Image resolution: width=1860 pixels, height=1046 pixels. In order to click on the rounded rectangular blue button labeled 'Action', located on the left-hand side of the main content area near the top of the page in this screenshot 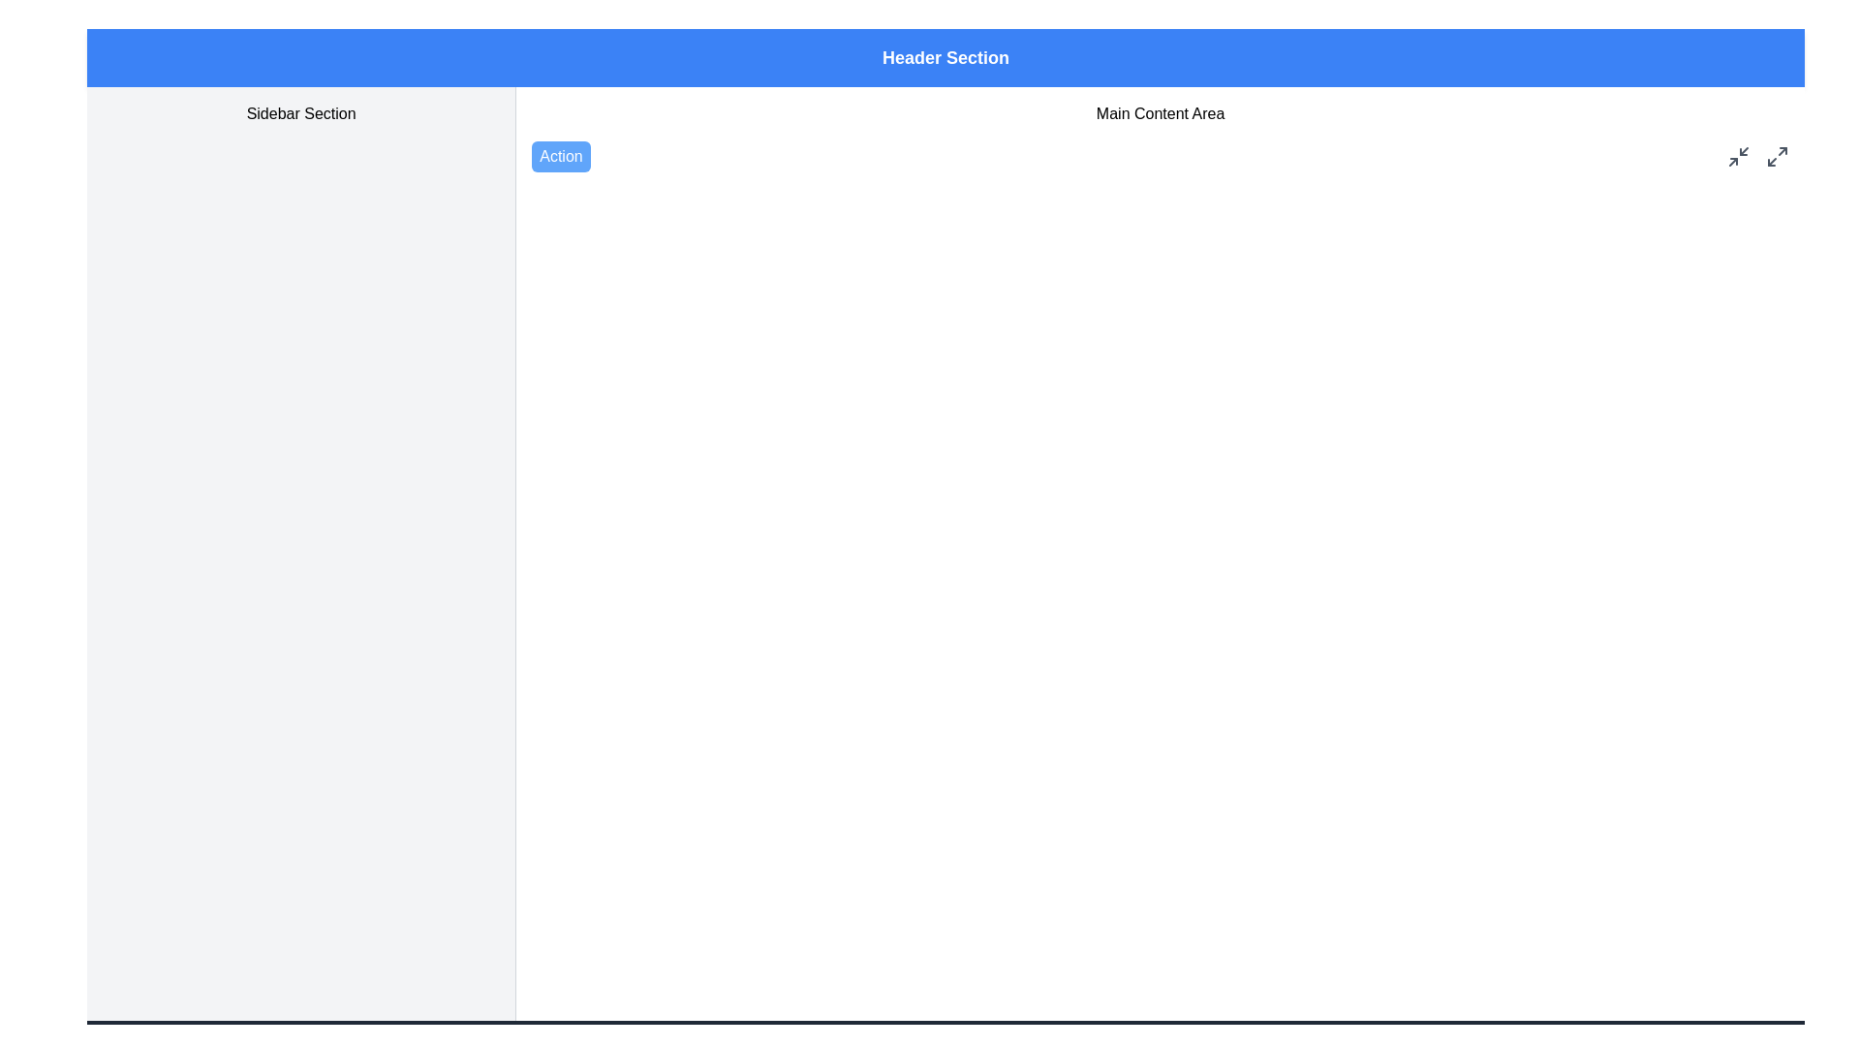, I will do `click(560, 156)`.